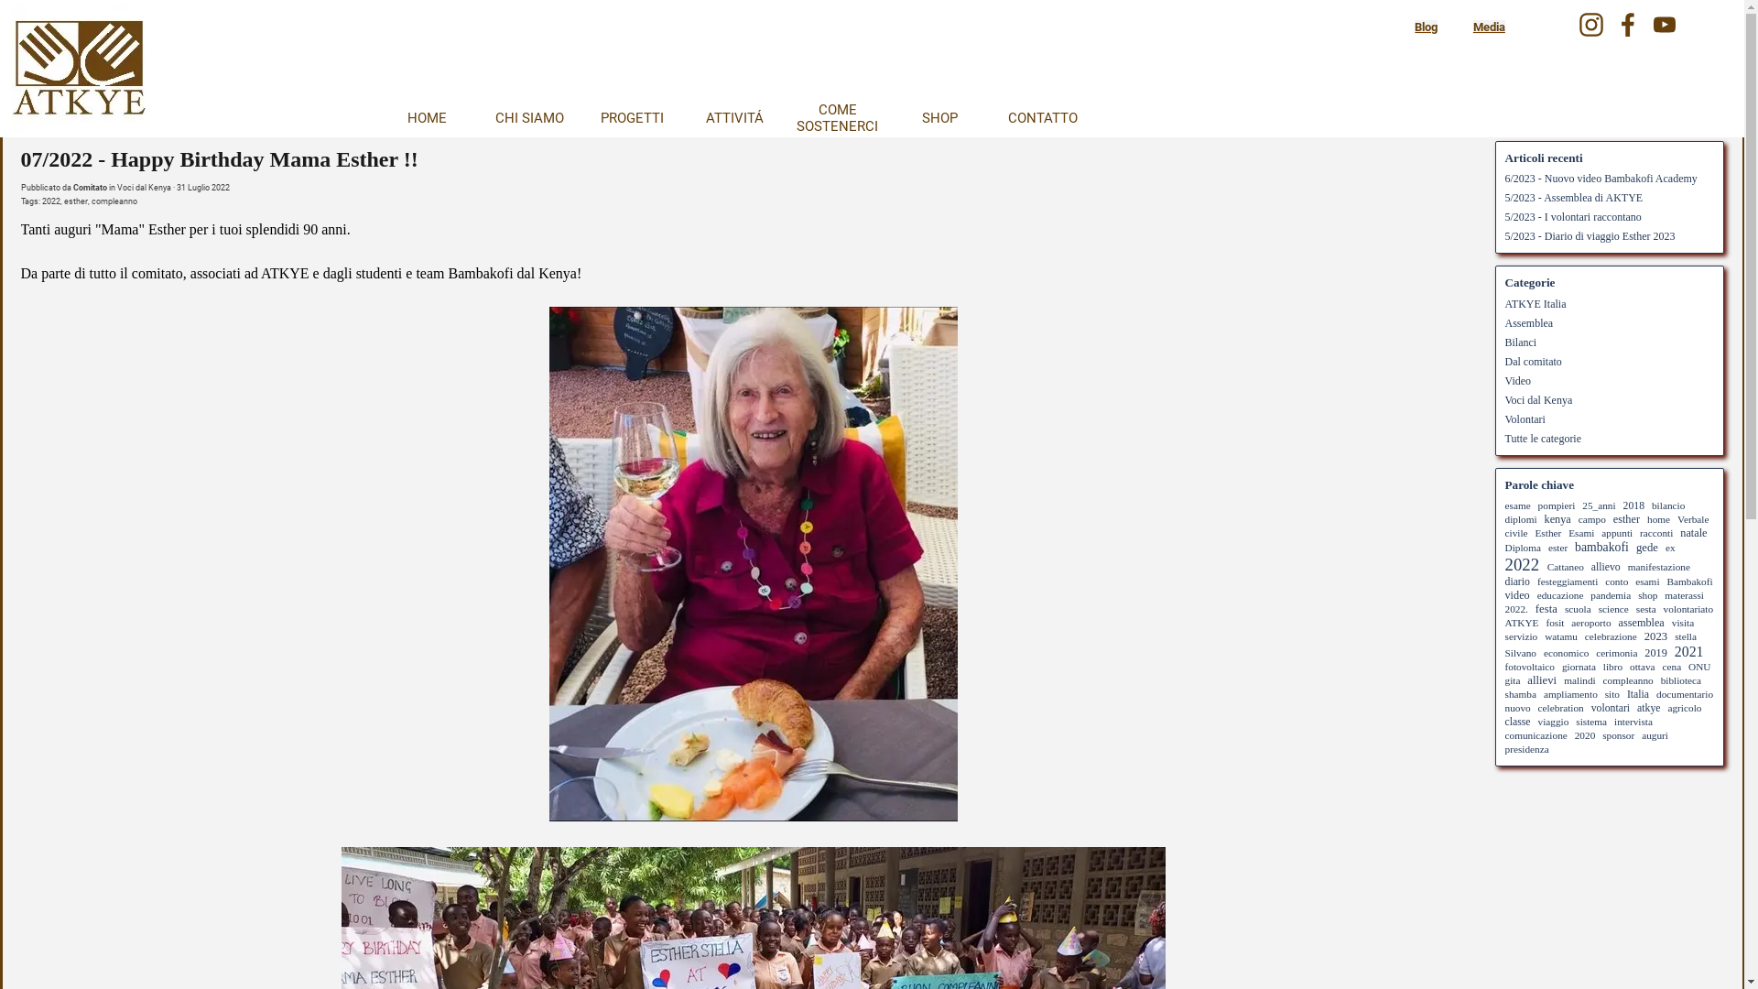 The height and width of the screenshot is (989, 1758). What do you see at coordinates (527, 117) in the screenshot?
I see `'CHI SIAMO'` at bounding box center [527, 117].